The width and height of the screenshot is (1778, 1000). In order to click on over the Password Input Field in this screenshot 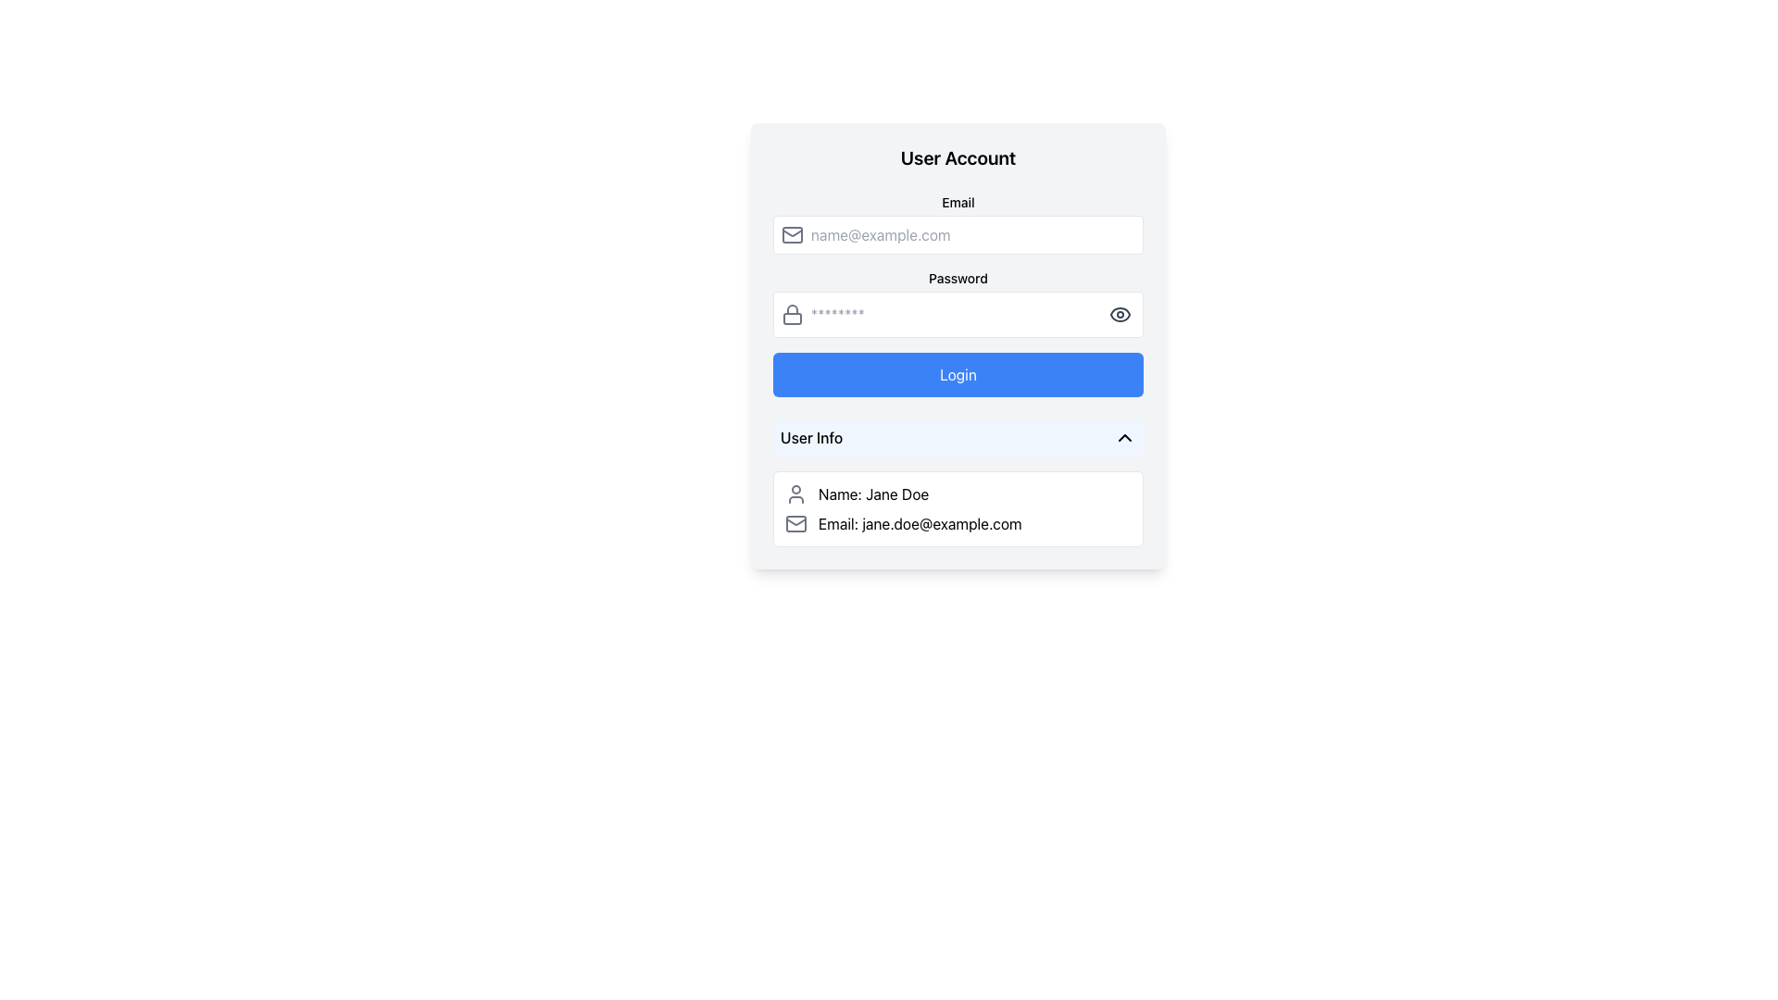, I will do `click(958, 302)`.